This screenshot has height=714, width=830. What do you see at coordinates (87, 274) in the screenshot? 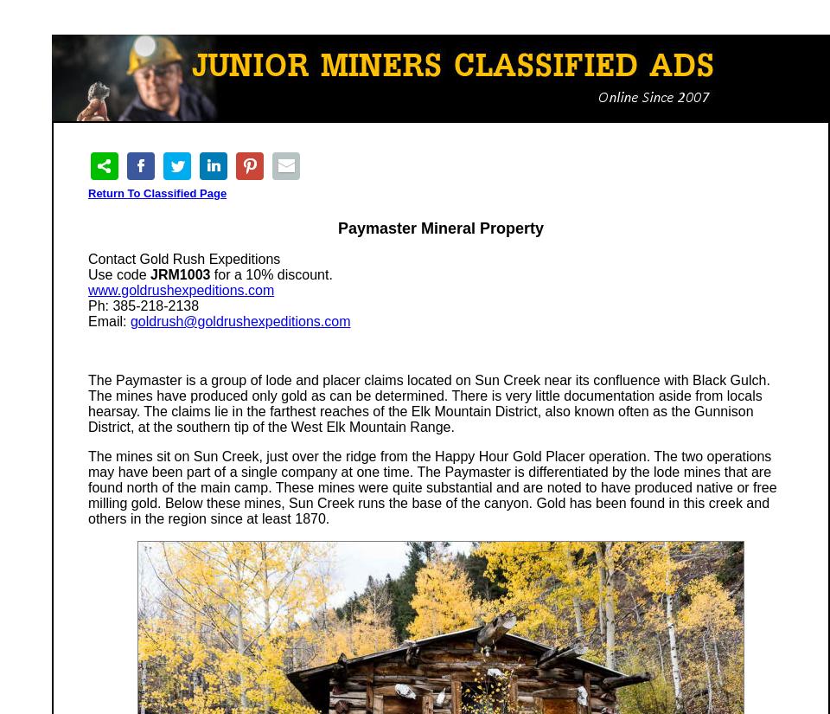
I see `'Use code'` at bounding box center [87, 274].